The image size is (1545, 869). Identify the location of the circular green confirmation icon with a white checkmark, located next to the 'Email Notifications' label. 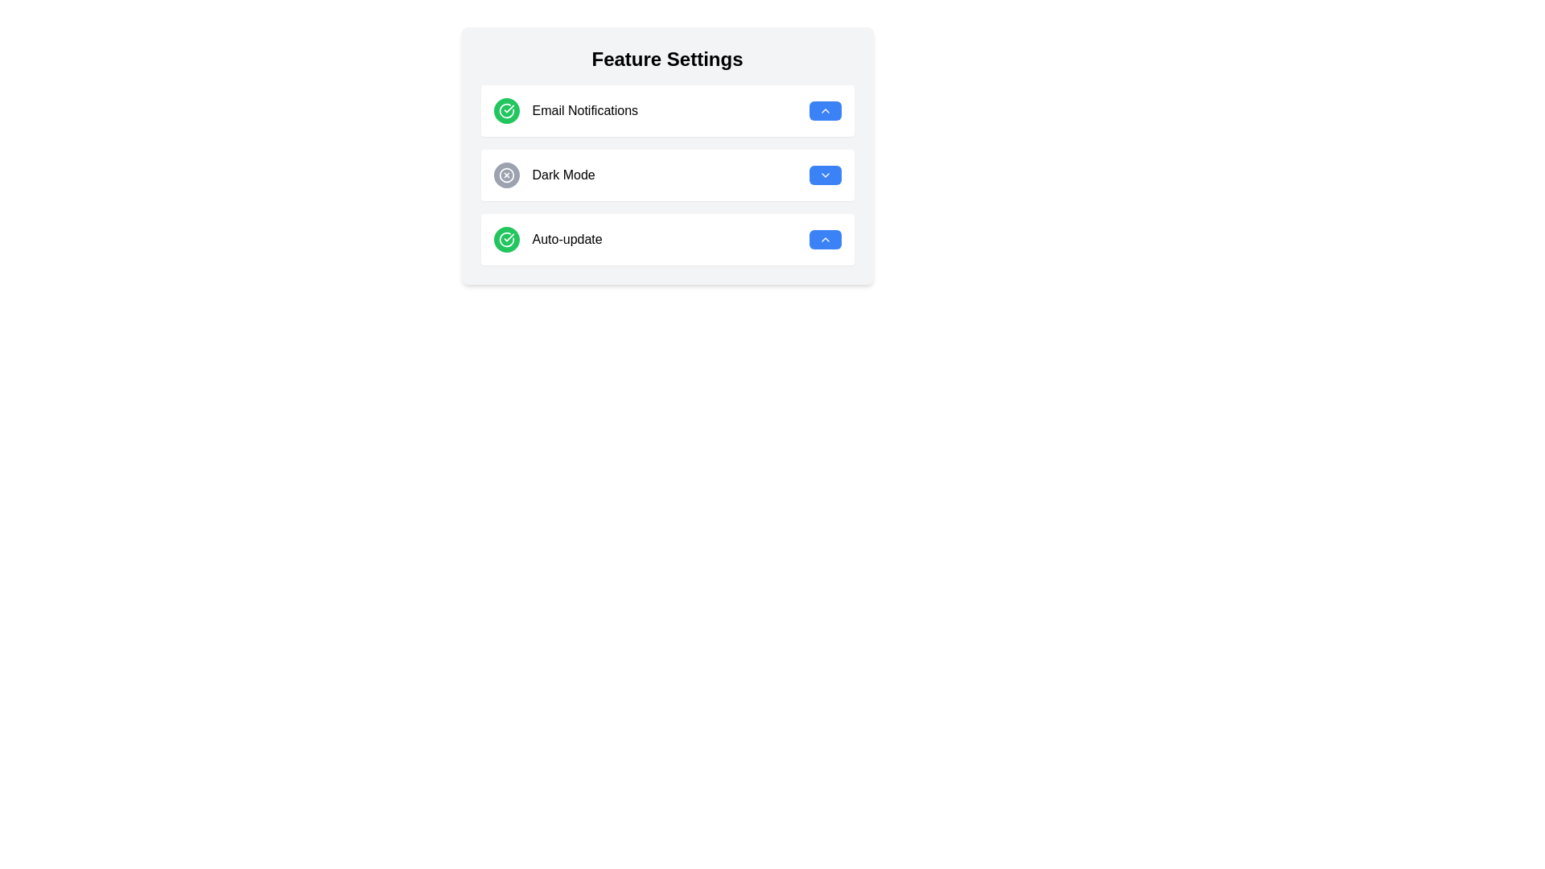
(505, 110).